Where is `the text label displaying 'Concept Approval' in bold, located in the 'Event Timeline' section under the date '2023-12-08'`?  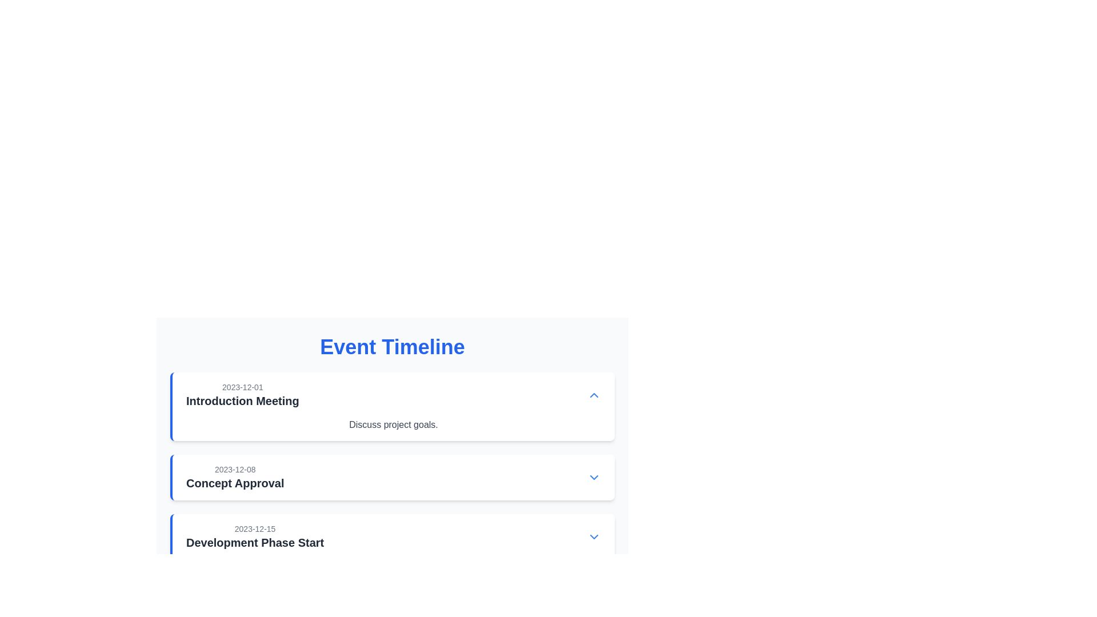
the text label displaying 'Concept Approval' in bold, located in the 'Event Timeline' section under the date '2023-12-08' is located at coordinates (234, 483).